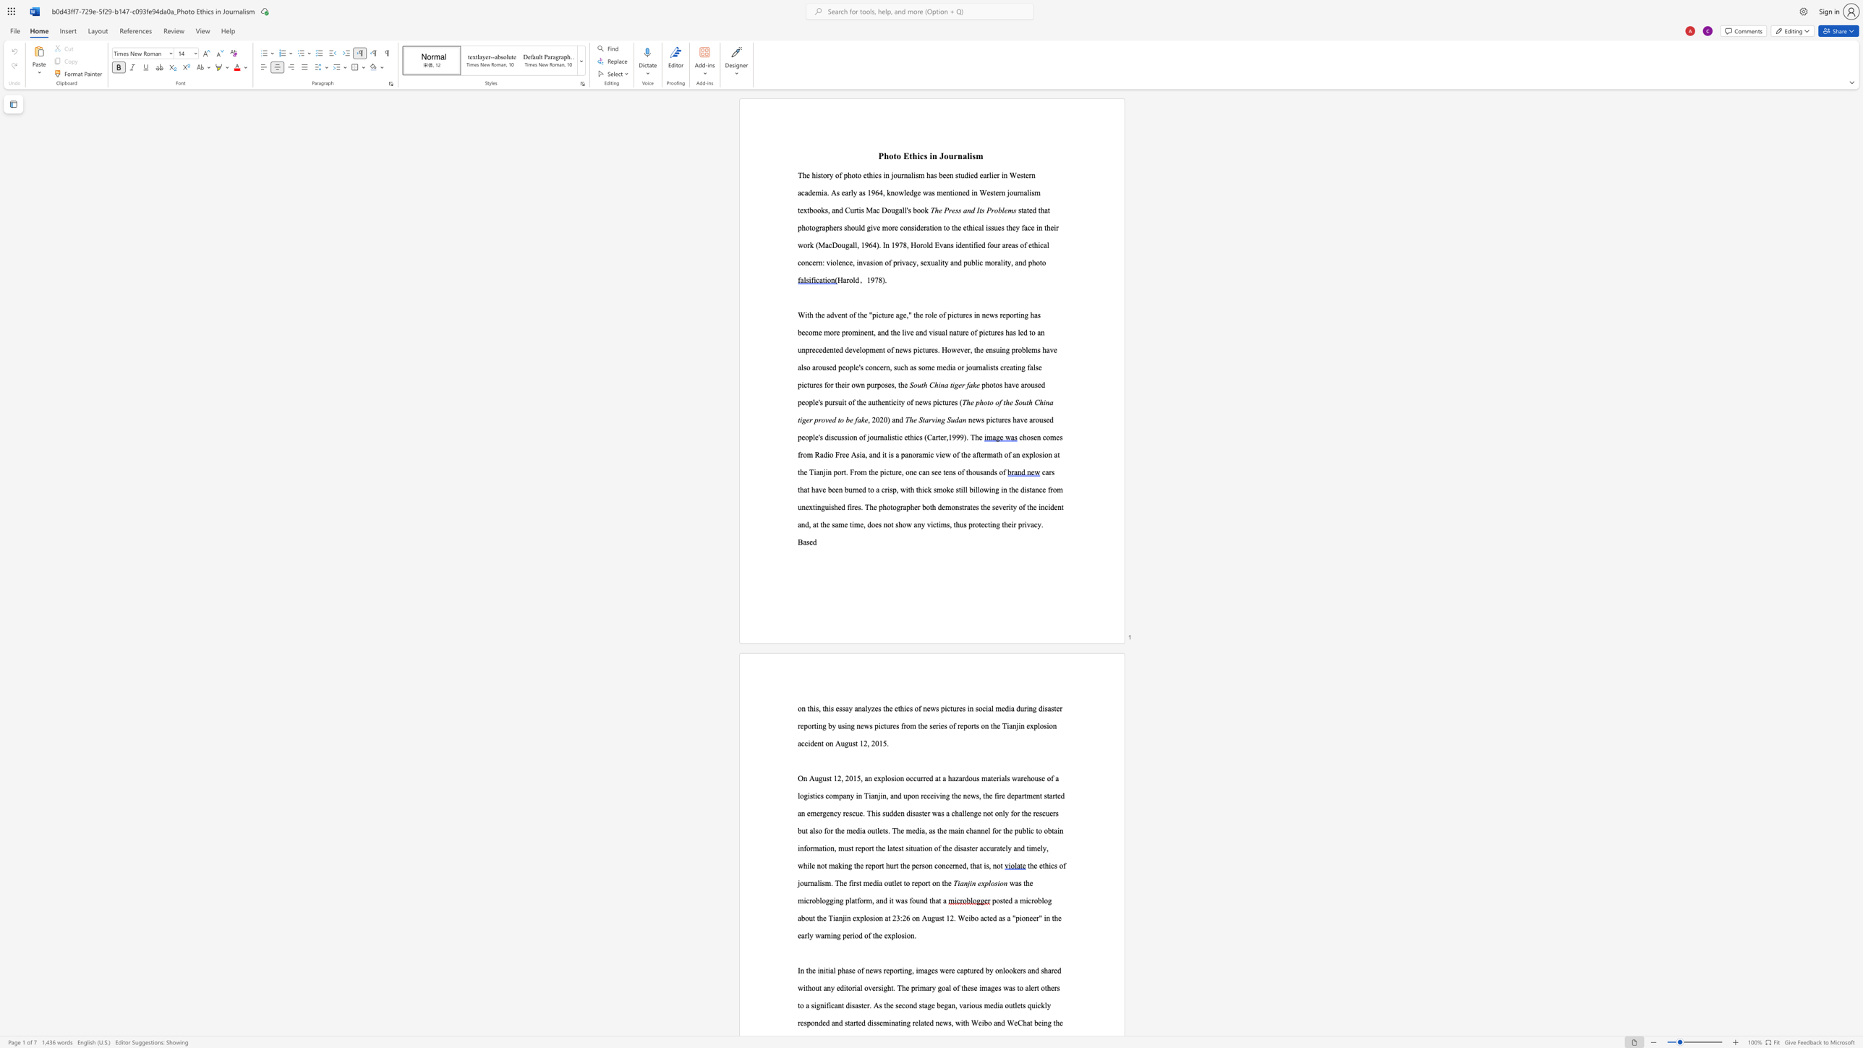 The image size is (1863, 1048). I want to click on the subset text "ographer" within the text "photographer", so click(892, 506).